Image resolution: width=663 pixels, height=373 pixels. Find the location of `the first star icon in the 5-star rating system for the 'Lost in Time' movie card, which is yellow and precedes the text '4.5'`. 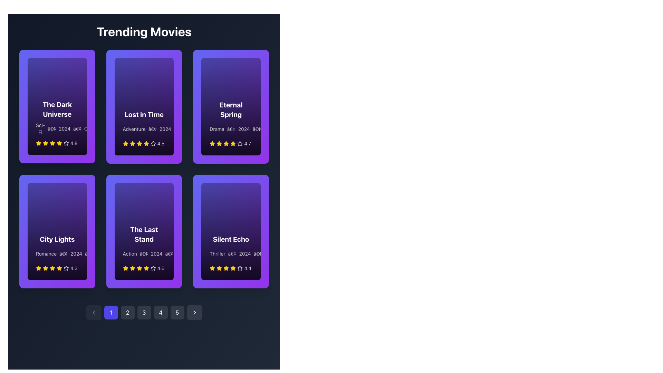

the first star icon in the 5-star rating system for the 'Lost in Time' movie card, which is yellow and precedes the text '4.5' is located at coordinates (125, 143).